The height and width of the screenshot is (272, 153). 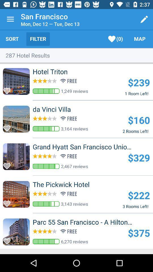 I want to click on 2,467 reviews item, so click(x=75, y=166).